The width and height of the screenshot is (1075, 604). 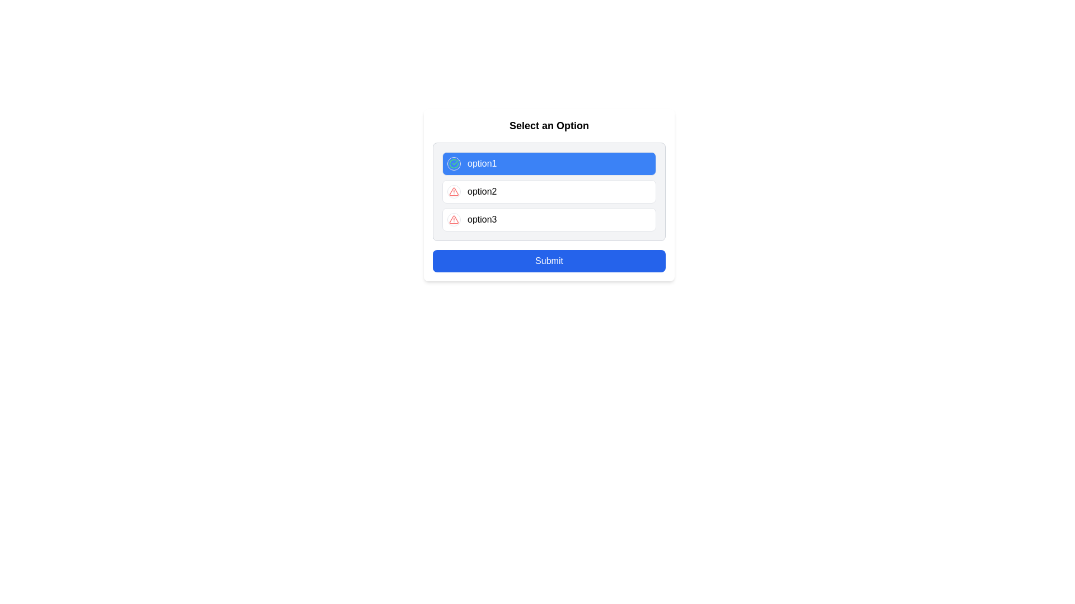 What do you see at coordinates (482, 191) in the screenshot?
I see `text label displaying 'option2', which is styled with a medium font size and positioned to the right of a warning triangle icon in the option selector interface` at bounding box center [482, 191].